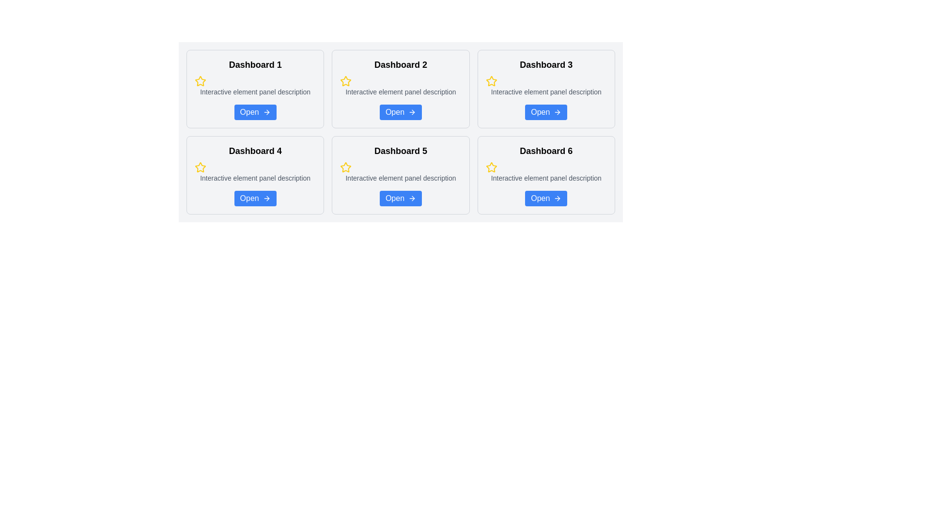 This screenshot has height=523, width=930. I want to click on the text label 'Dashboard 3' which is displayed in a bold, large font in the top-right card of a grid layout, so click(546, 65).